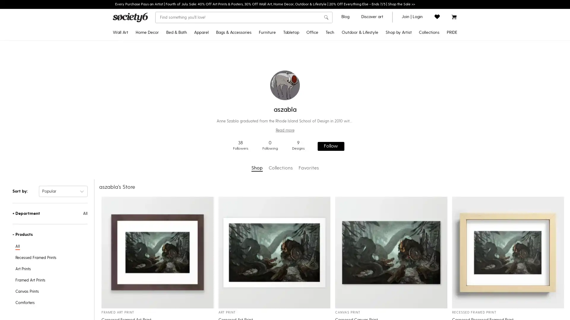 This screenshot has height=320, width=570. I want to click on Laptop Stickers, so click(351, 133).